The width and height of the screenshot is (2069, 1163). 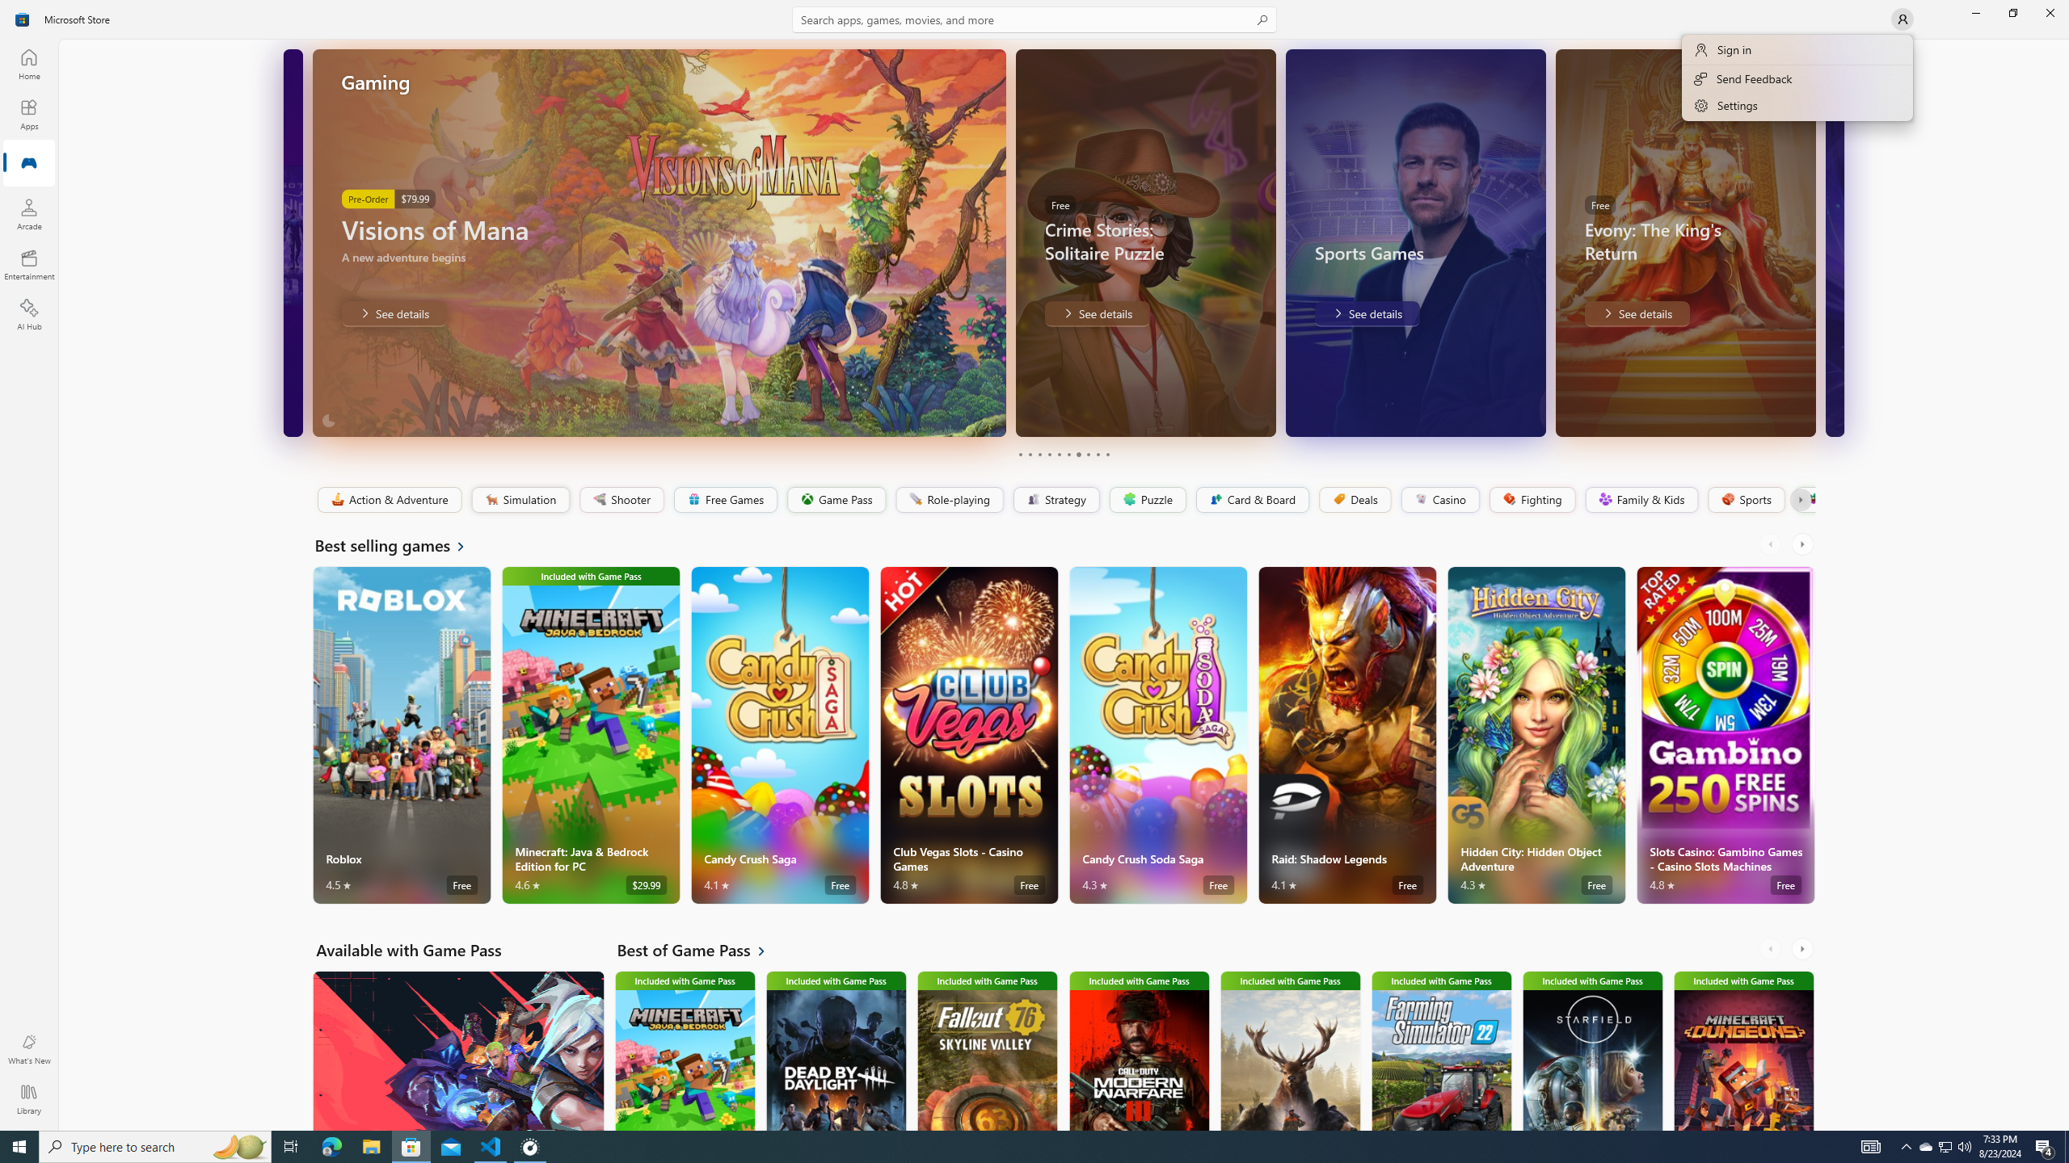 What do you see at coordinates (1057, 454) in the screenshot?
I see `'Page 5'` at bounding box center [1057, 454].